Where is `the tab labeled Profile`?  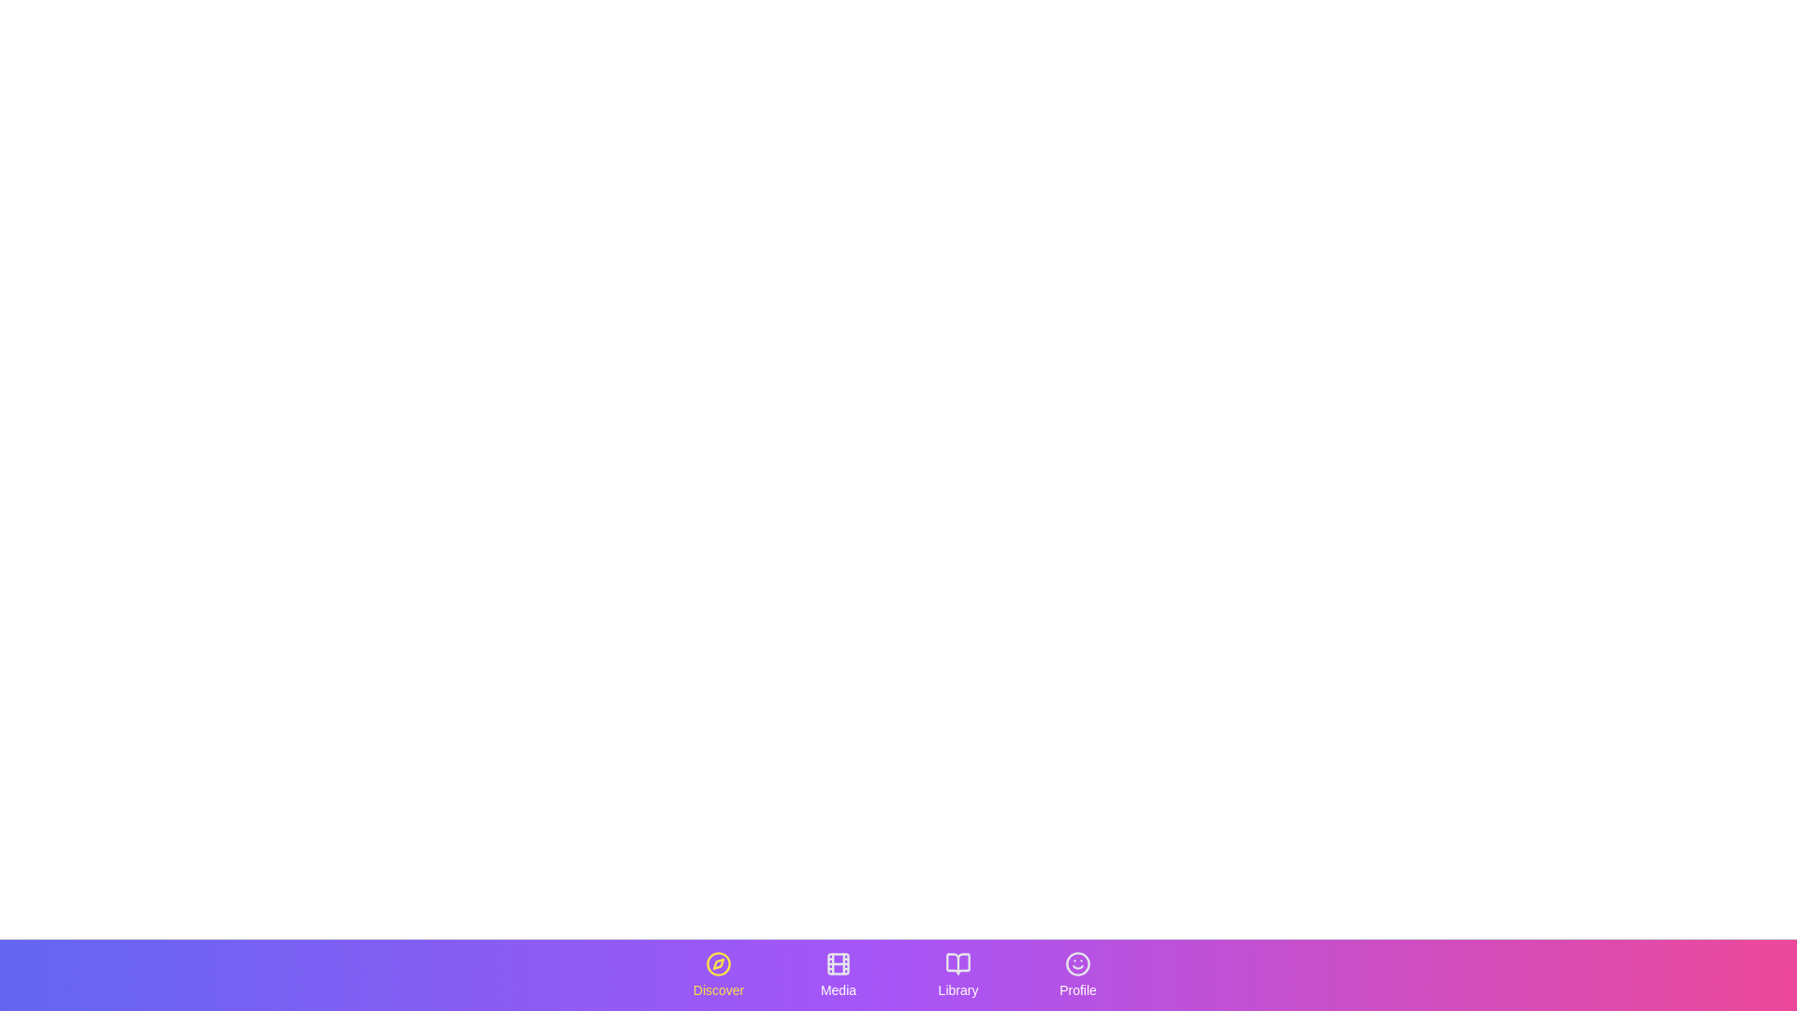 the tab labeled Profile is located at coordinates (1078, 974).